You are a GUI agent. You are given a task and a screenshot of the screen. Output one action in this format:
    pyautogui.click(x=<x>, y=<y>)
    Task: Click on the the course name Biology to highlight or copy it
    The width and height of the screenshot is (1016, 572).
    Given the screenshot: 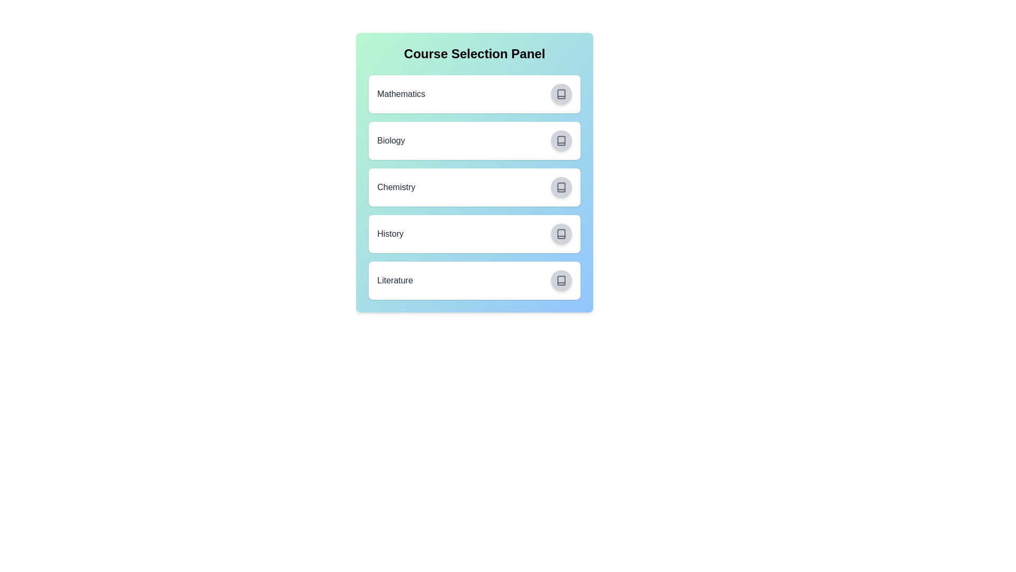 What is the action you would take?
    pyautogui.click(x=391, y=140)
    